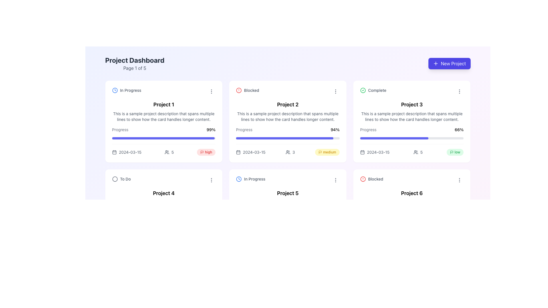 The image size is (548, 308). Describe the element at coordinates (211, 91) in the screenshot. I see `the gray icon with three vertical dots located in the top-right corner of the 'Project 1' card` at that location.